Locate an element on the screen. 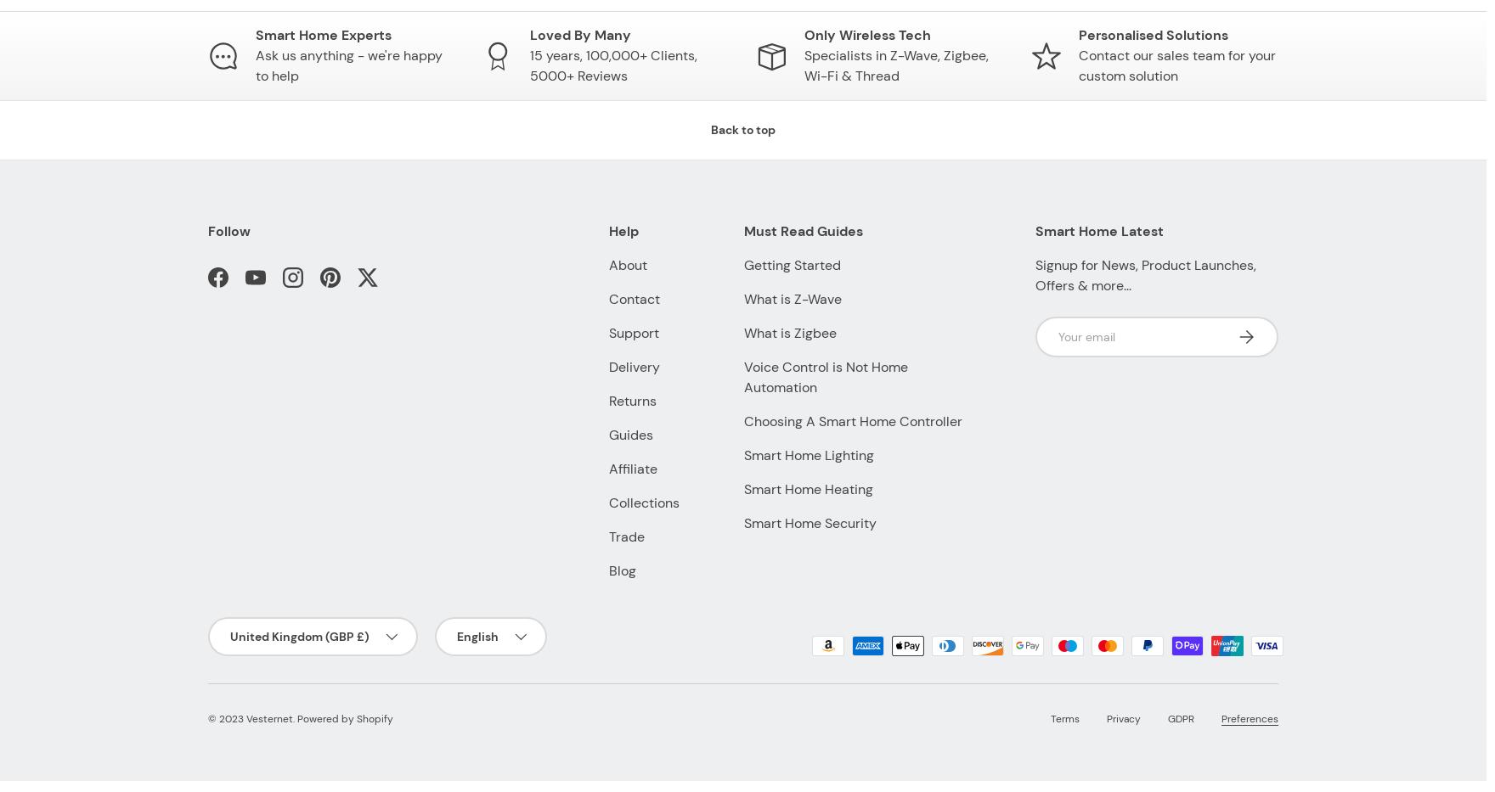  'Smart Home Heating' is located at coordinates (808, 489).